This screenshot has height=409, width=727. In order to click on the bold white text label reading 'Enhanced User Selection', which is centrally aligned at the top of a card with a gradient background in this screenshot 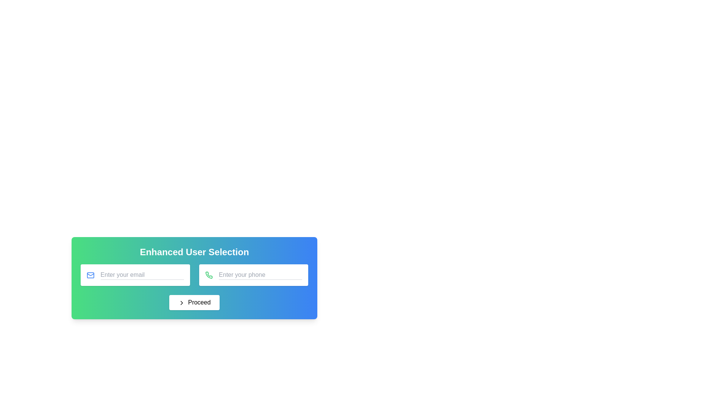, I will do `click(194, 252)`.